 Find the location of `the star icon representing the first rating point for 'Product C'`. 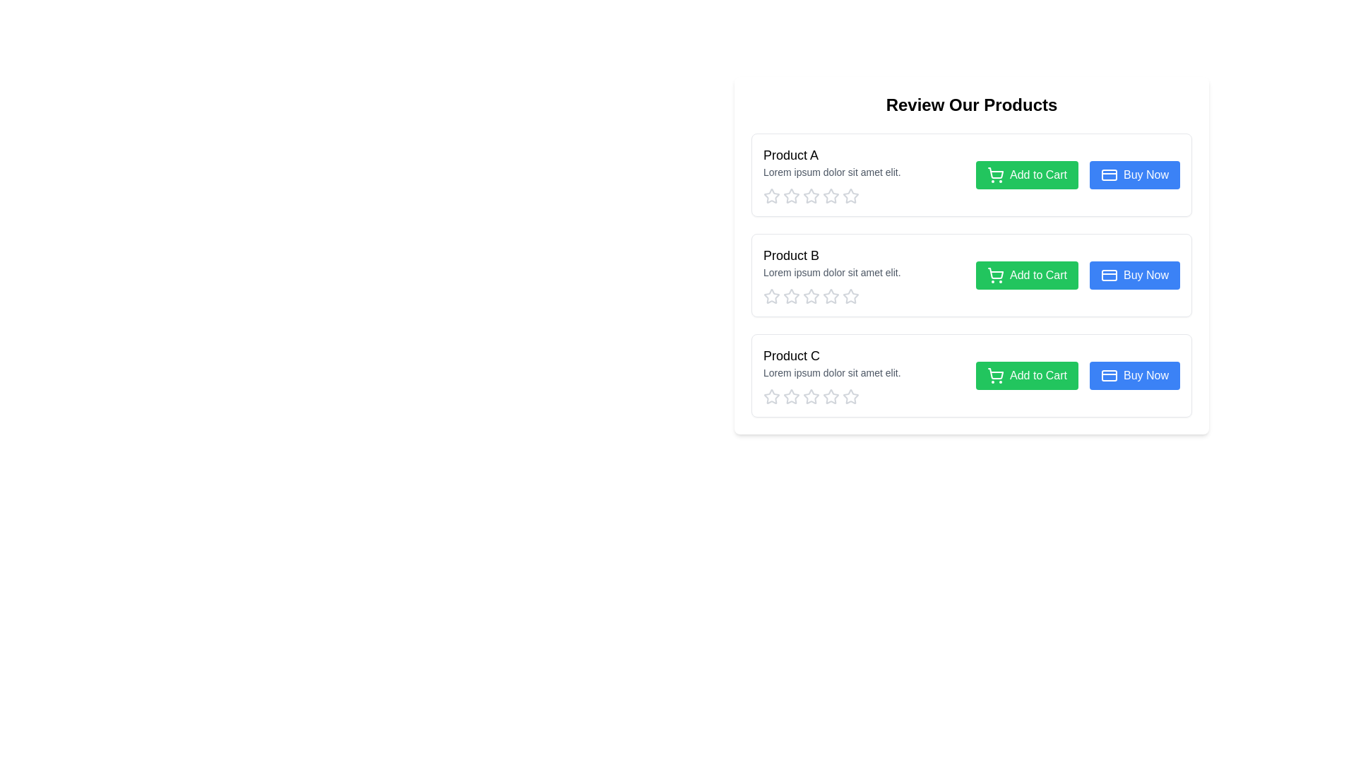

the star icon representing the first rating point for 'Product C' is located at coordinates (771, 396).